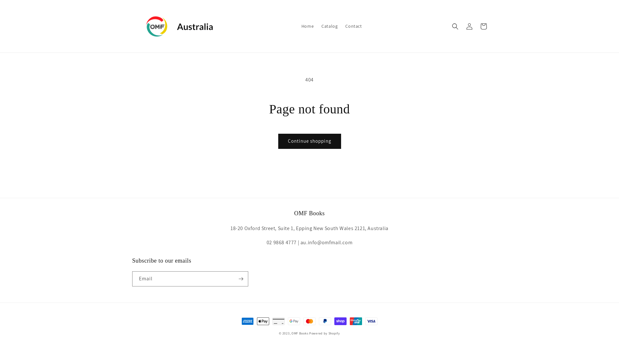  I want to click on 'Home', so click(307, 26).